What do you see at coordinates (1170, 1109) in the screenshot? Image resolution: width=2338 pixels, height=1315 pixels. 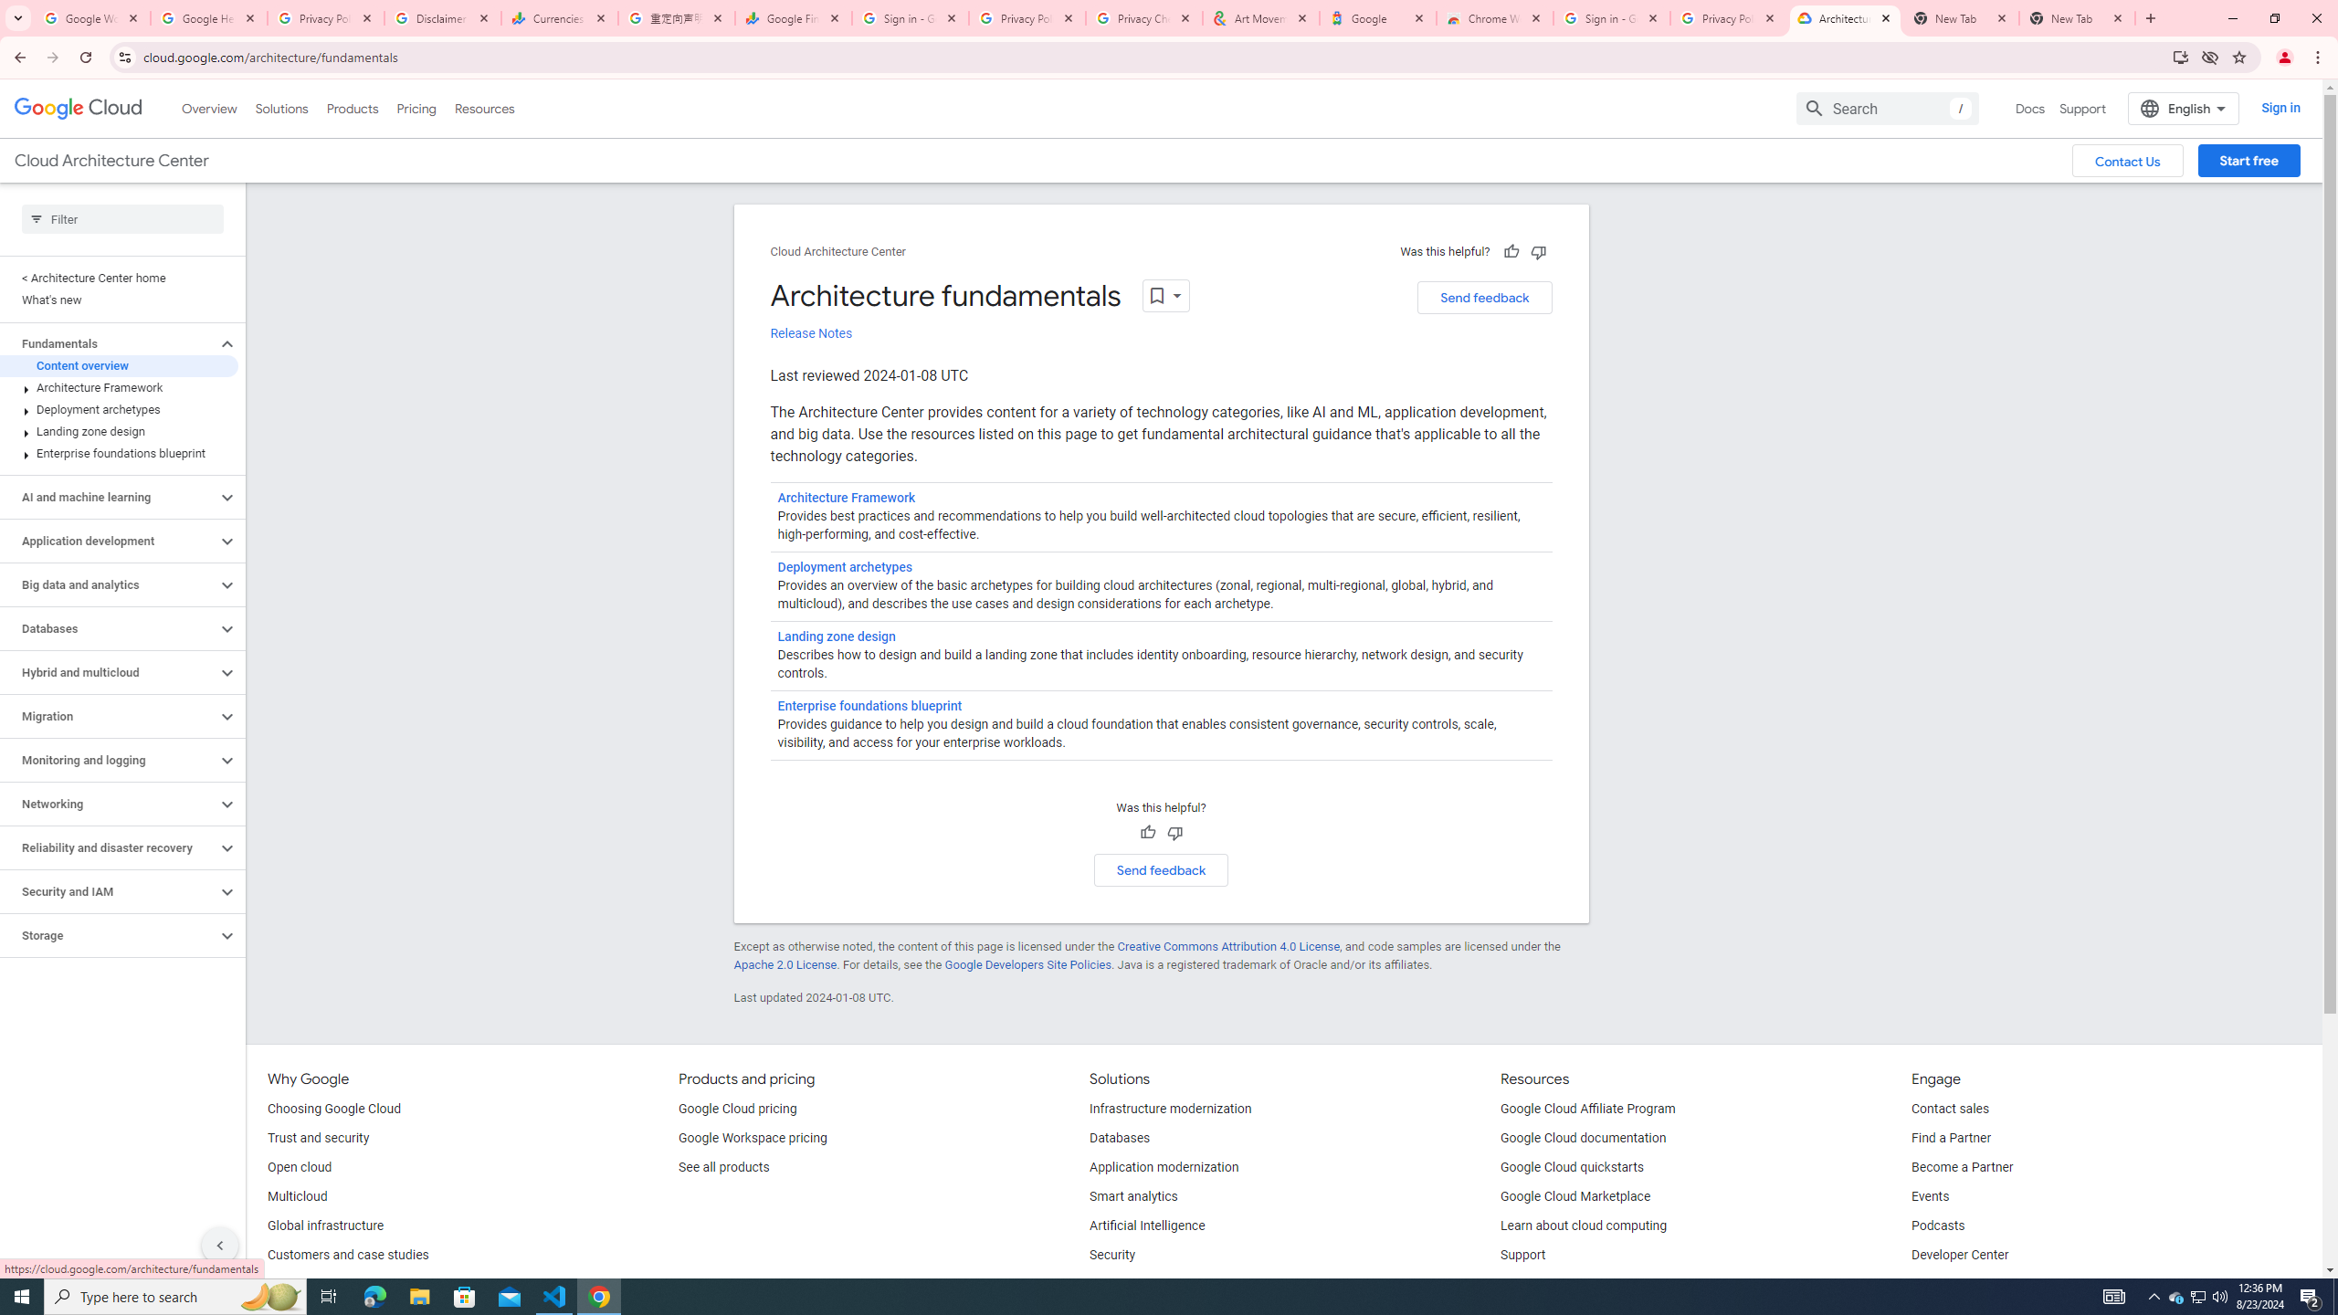 I see `'Infrastructure modernization'` at bounding box center [1170, 1109].